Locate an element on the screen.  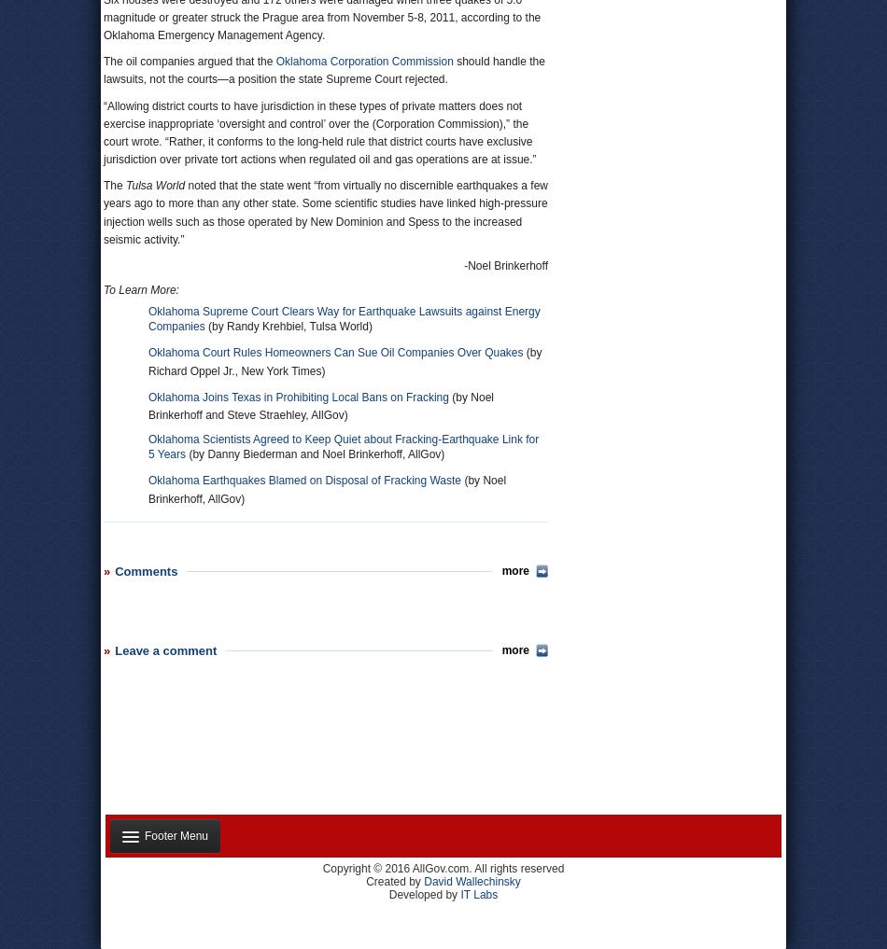
'David Wallechinsky' is located at coordinates (472, 880).